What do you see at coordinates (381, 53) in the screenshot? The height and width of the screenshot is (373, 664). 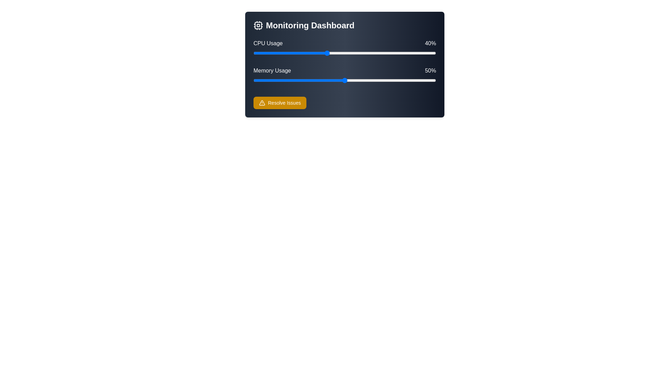 I see `CPU usage` at bounding box center [381, 53].